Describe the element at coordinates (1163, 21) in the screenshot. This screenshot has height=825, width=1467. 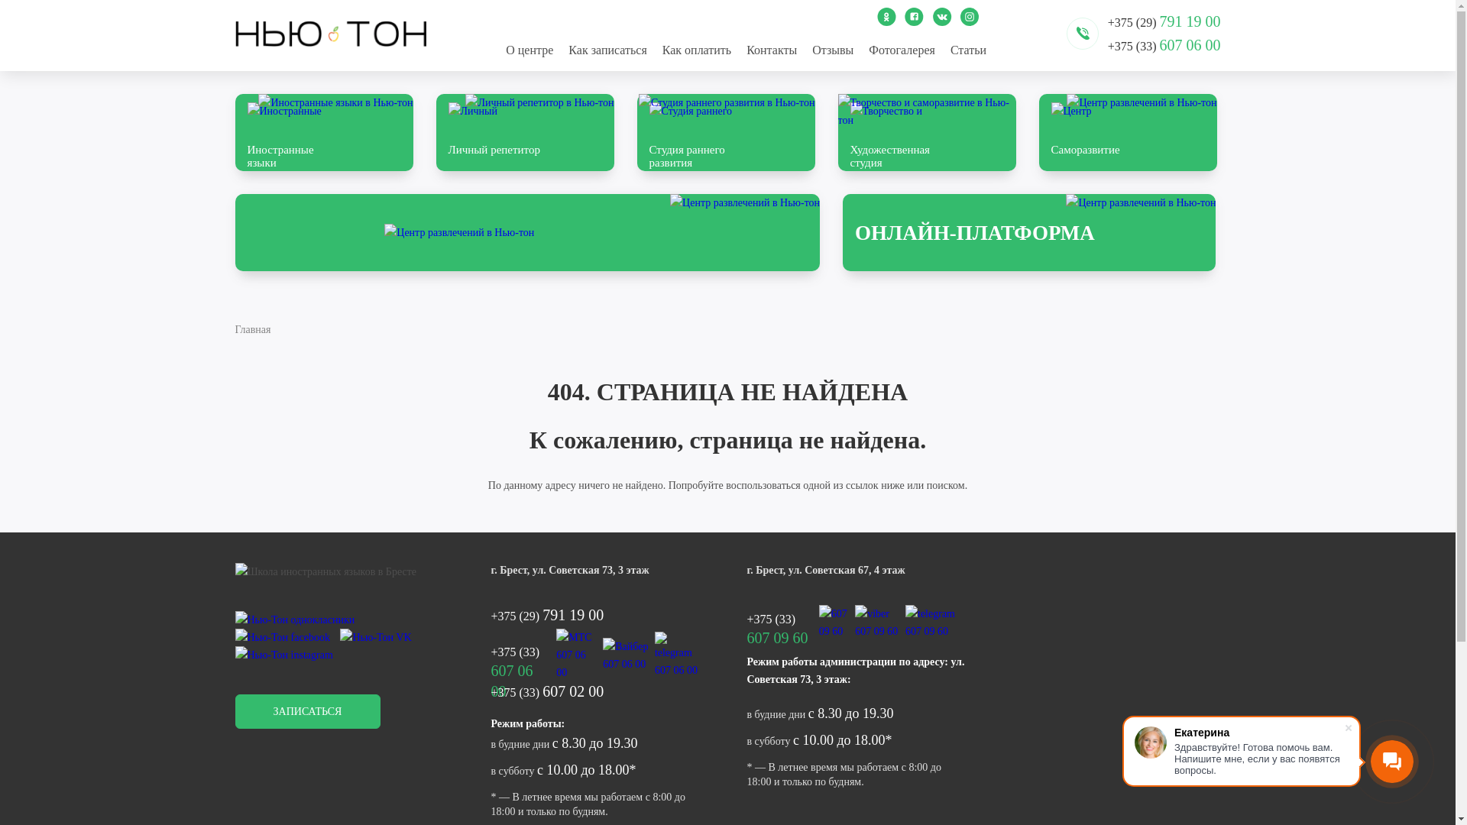
I see `'+375 (29) 791 19 00'` at that location.